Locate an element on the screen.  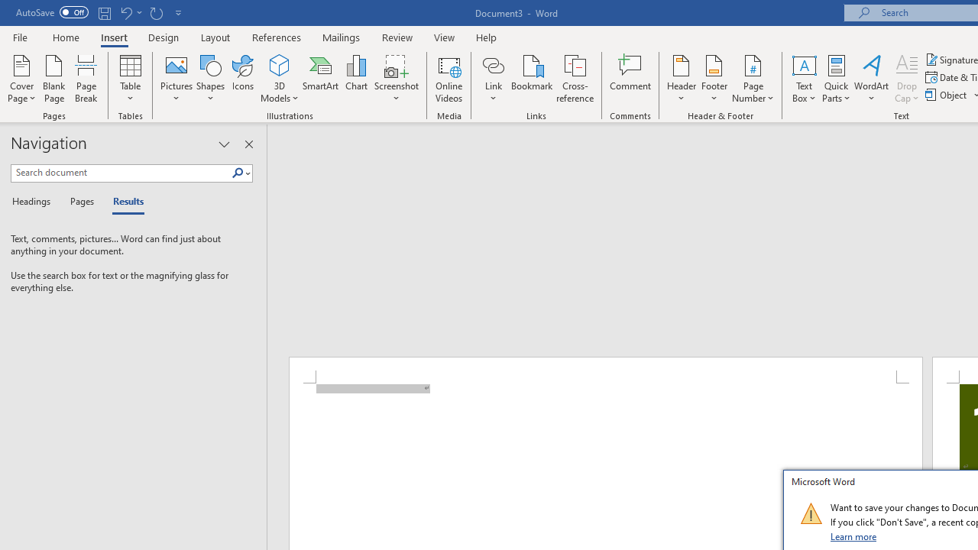
'View' is located at coordinates (444, 37).